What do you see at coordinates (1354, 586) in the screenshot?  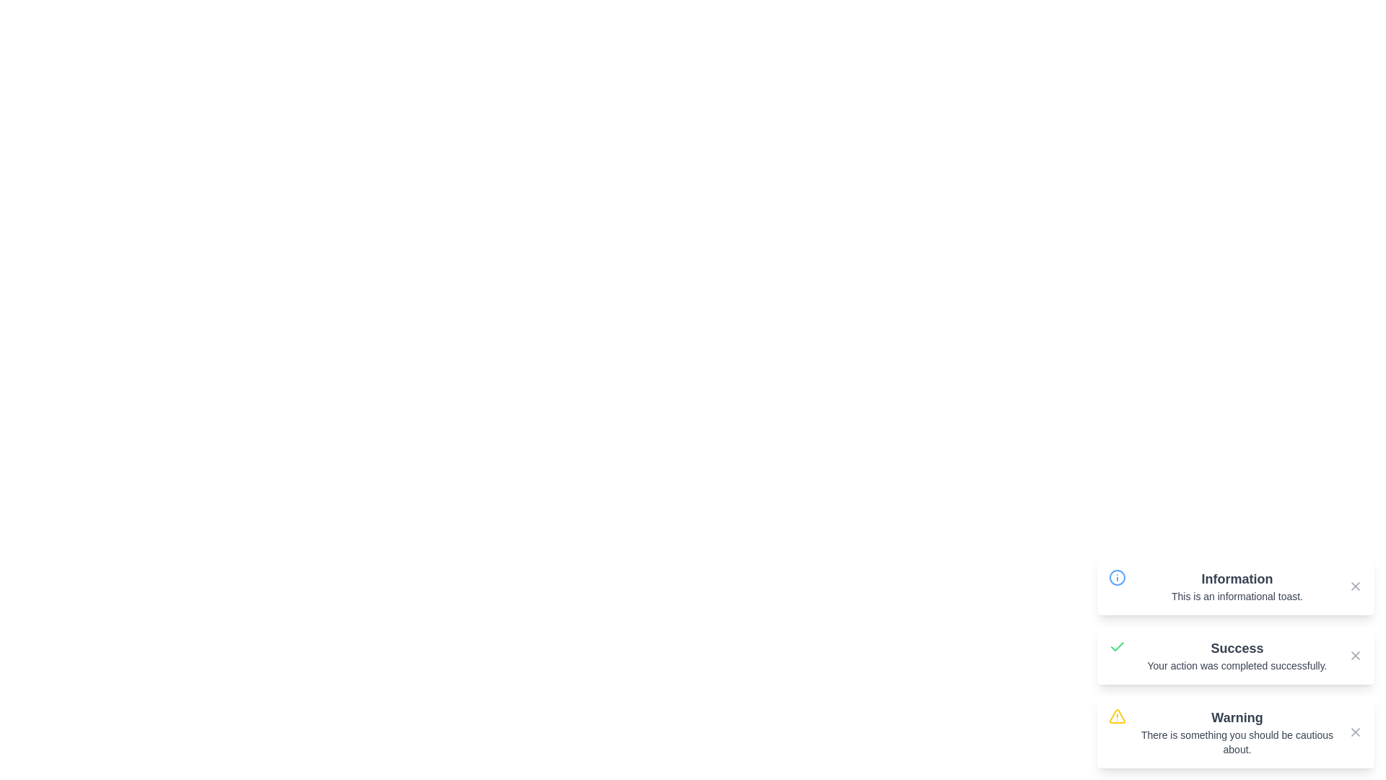 I see `the close button located at the top-right corner of the 'Information' notification card` at bounding box center [1354, 586].